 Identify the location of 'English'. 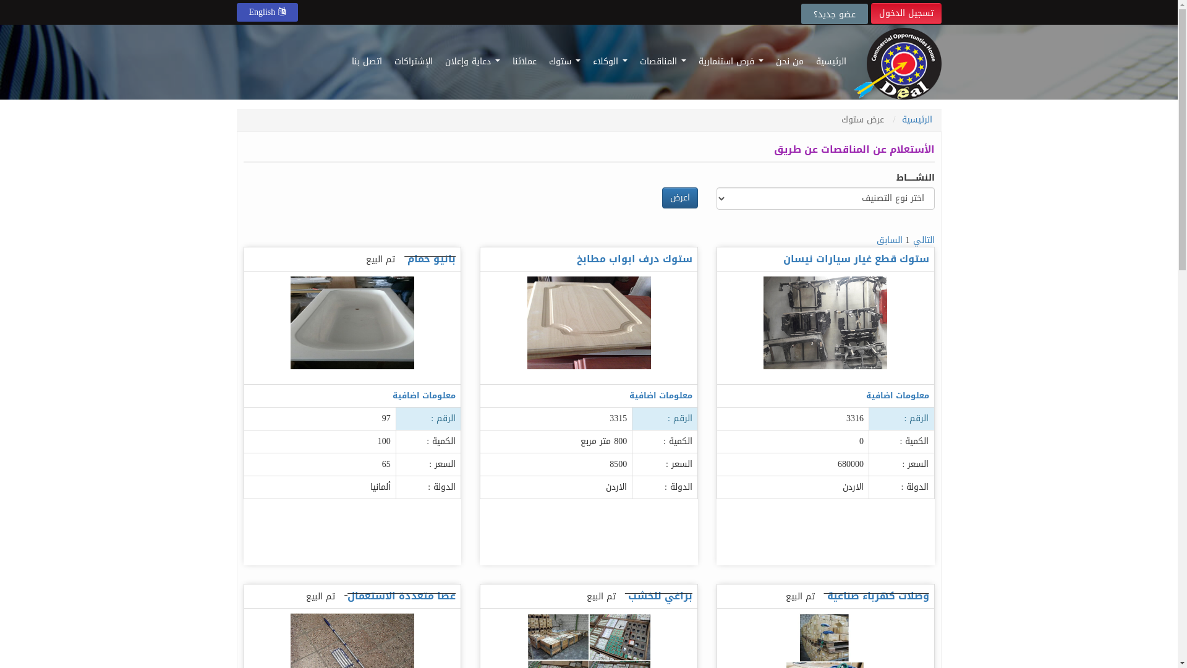
(266, 12).